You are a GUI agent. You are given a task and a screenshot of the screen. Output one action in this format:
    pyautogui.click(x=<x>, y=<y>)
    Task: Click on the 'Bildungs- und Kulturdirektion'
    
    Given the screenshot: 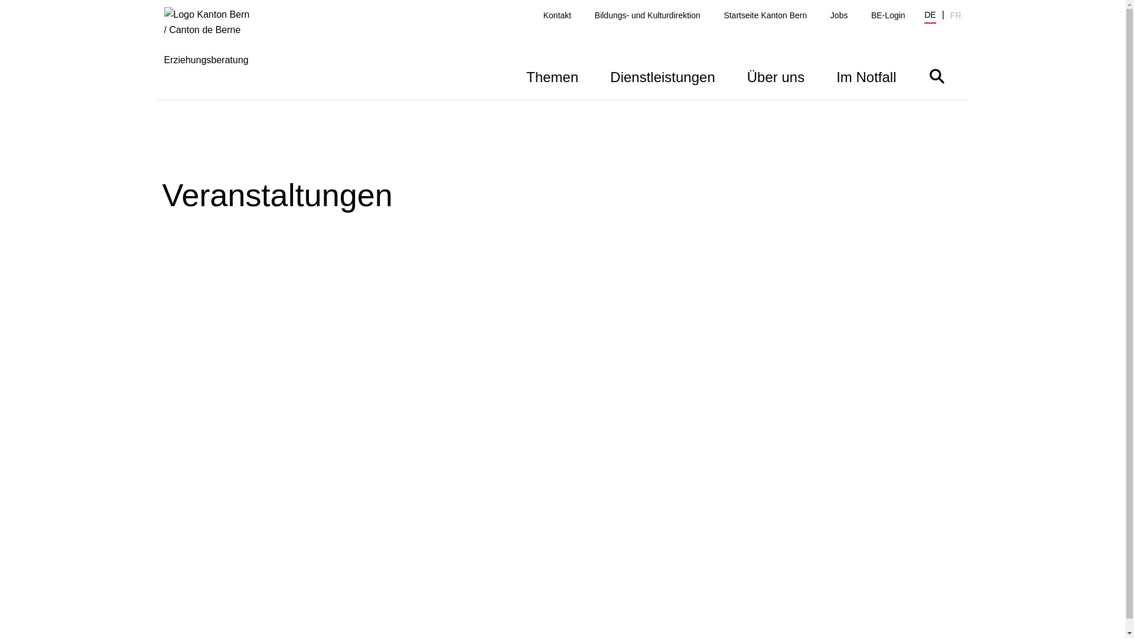 What is the action you would take?
    pyautogui.click(x=647, y=15)
    